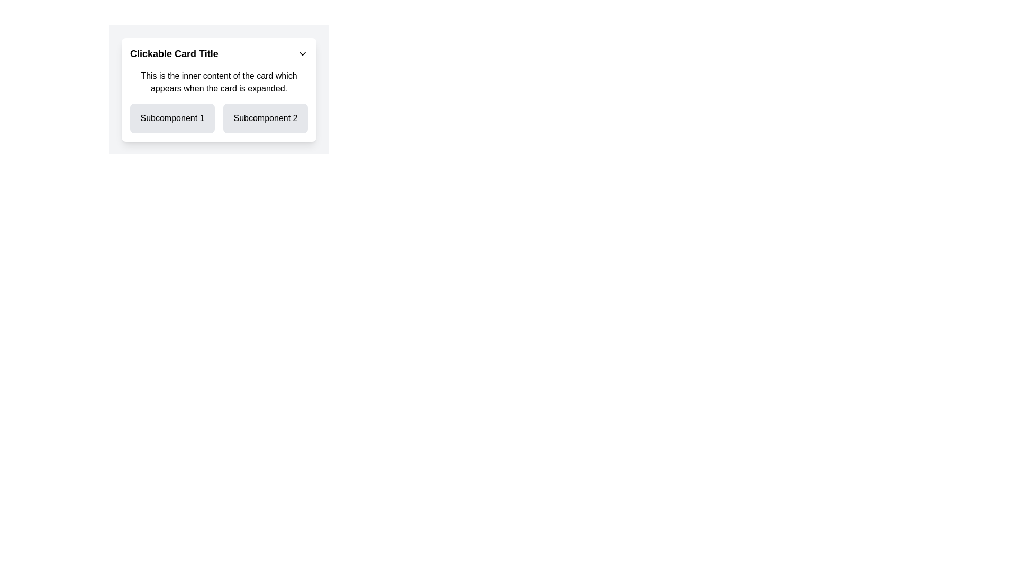 The image size is (1016, 571). What do you see at coordinates (173, 118) in the screenshot?
I see `the static text box labeled 'Subcomponent 1' which is part of a grid layout and has a light gray background with rounded corners` at bounding box center [173, 118].